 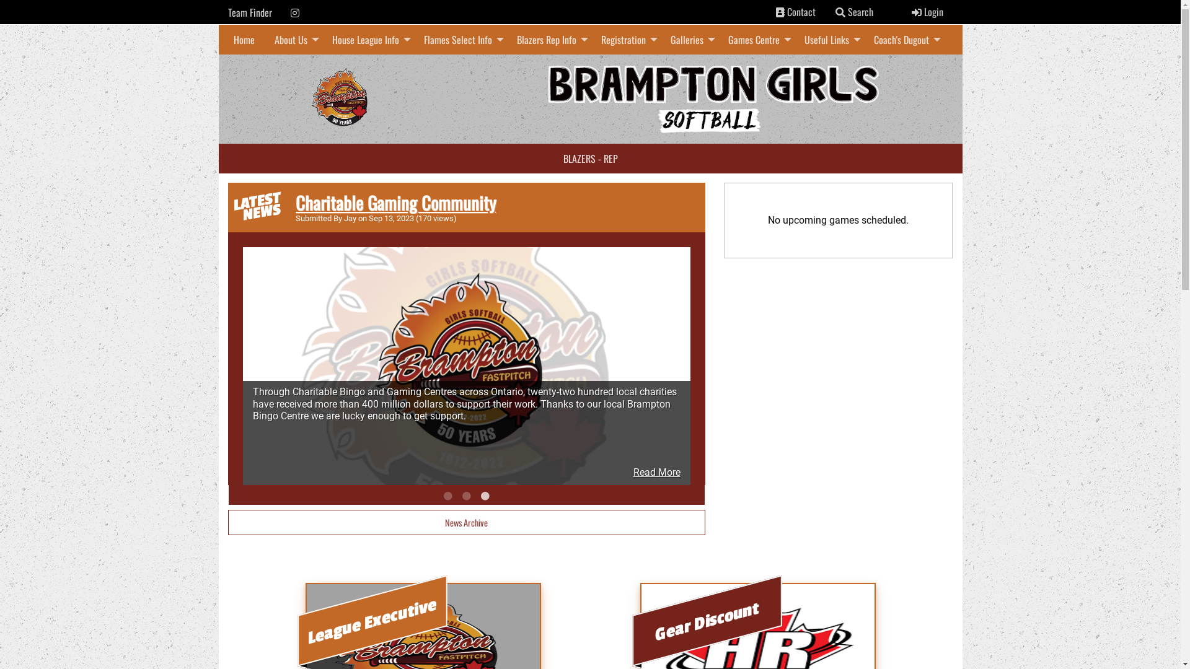 What do you see at coordinates (460, 39) in the screenshot?
I see `'Flames Select Info'` at bounding box center [460, 39].